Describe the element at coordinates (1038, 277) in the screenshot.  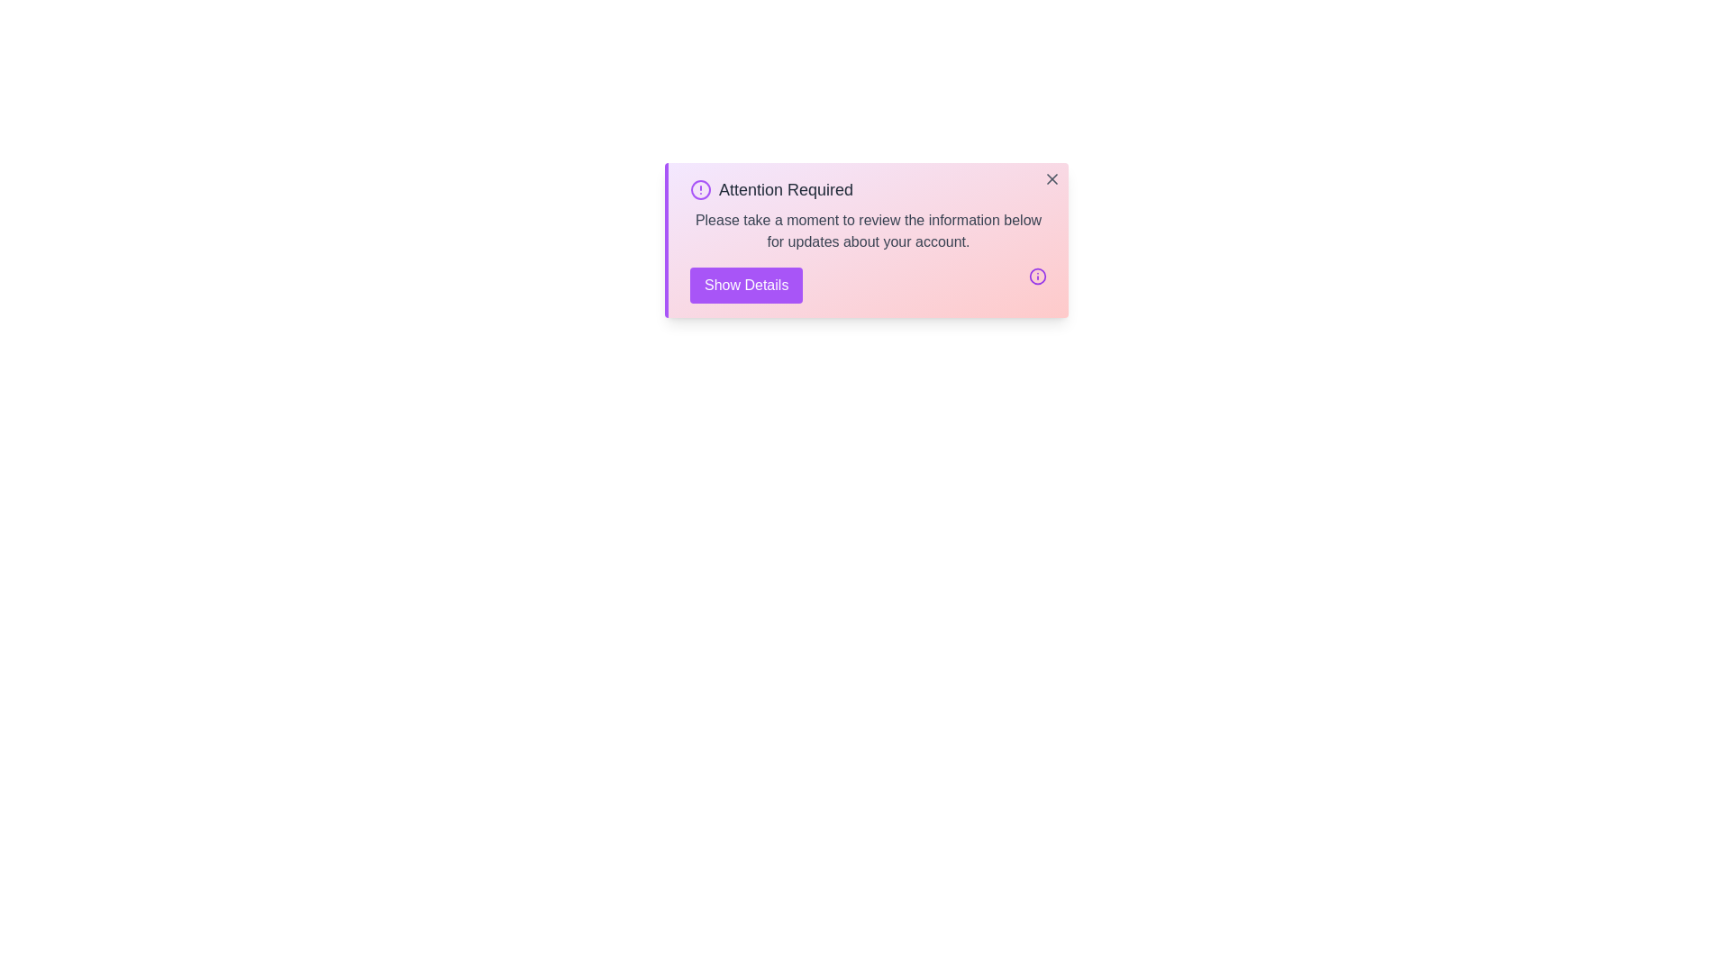
I see `the info icon to view additional information` at that location.